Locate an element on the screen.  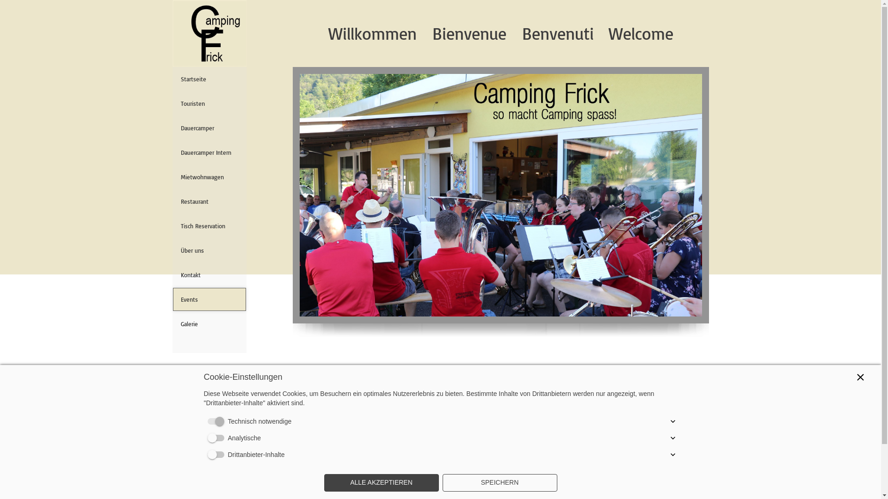
'Kontakt' is located at coordinates (208, 274).